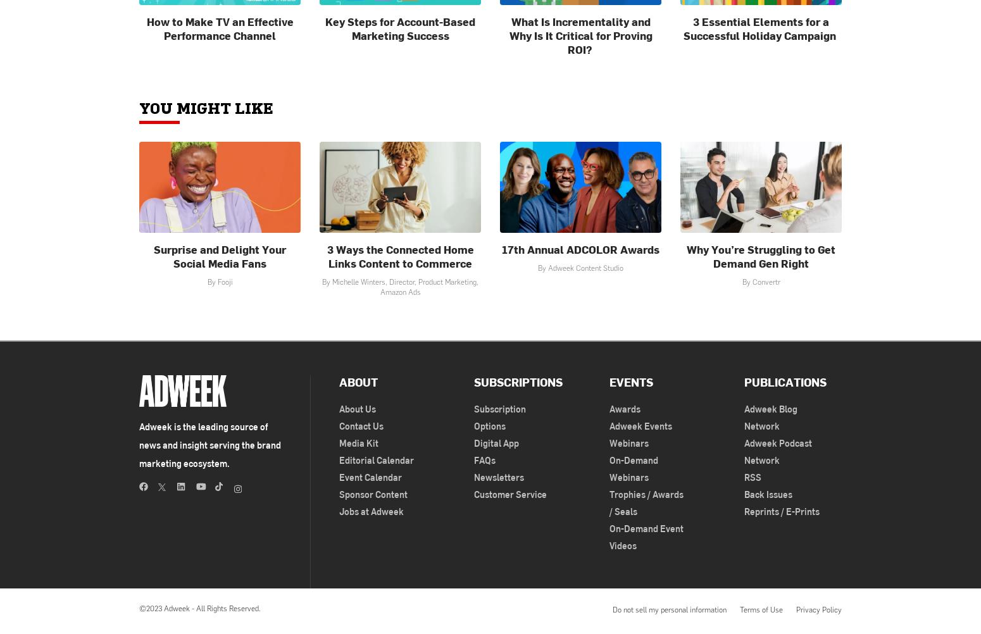 The width and height of the screenshot is (981, 634). I want to click on '©2023 Adweek - All Rights Reserved.', so click(199, 607).